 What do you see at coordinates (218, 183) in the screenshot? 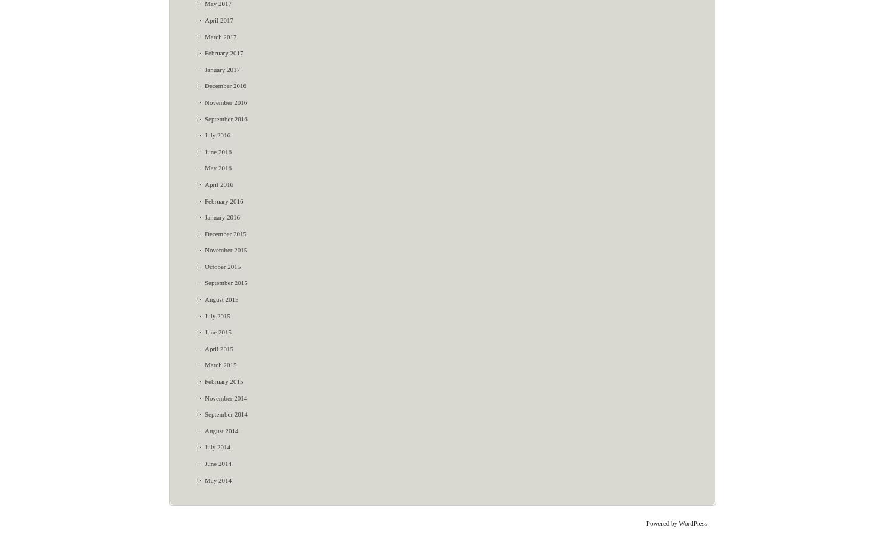
I see `'April 2016'` at bounding box center [218, 183].